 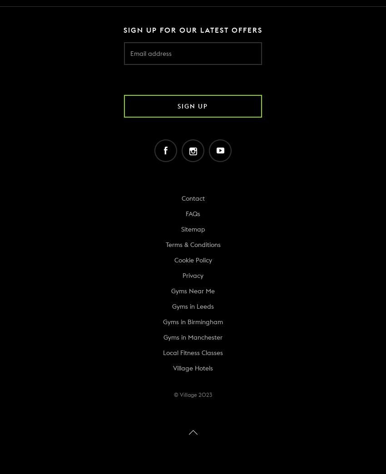 I want to click on 'Privacy', so click(x=193, y=275).